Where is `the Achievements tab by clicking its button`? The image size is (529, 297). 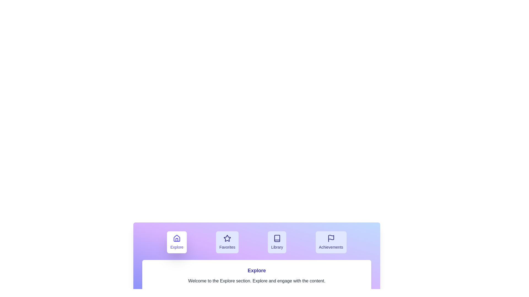 the Achievements tab by clicking its button is located at coordinates (331, 242).